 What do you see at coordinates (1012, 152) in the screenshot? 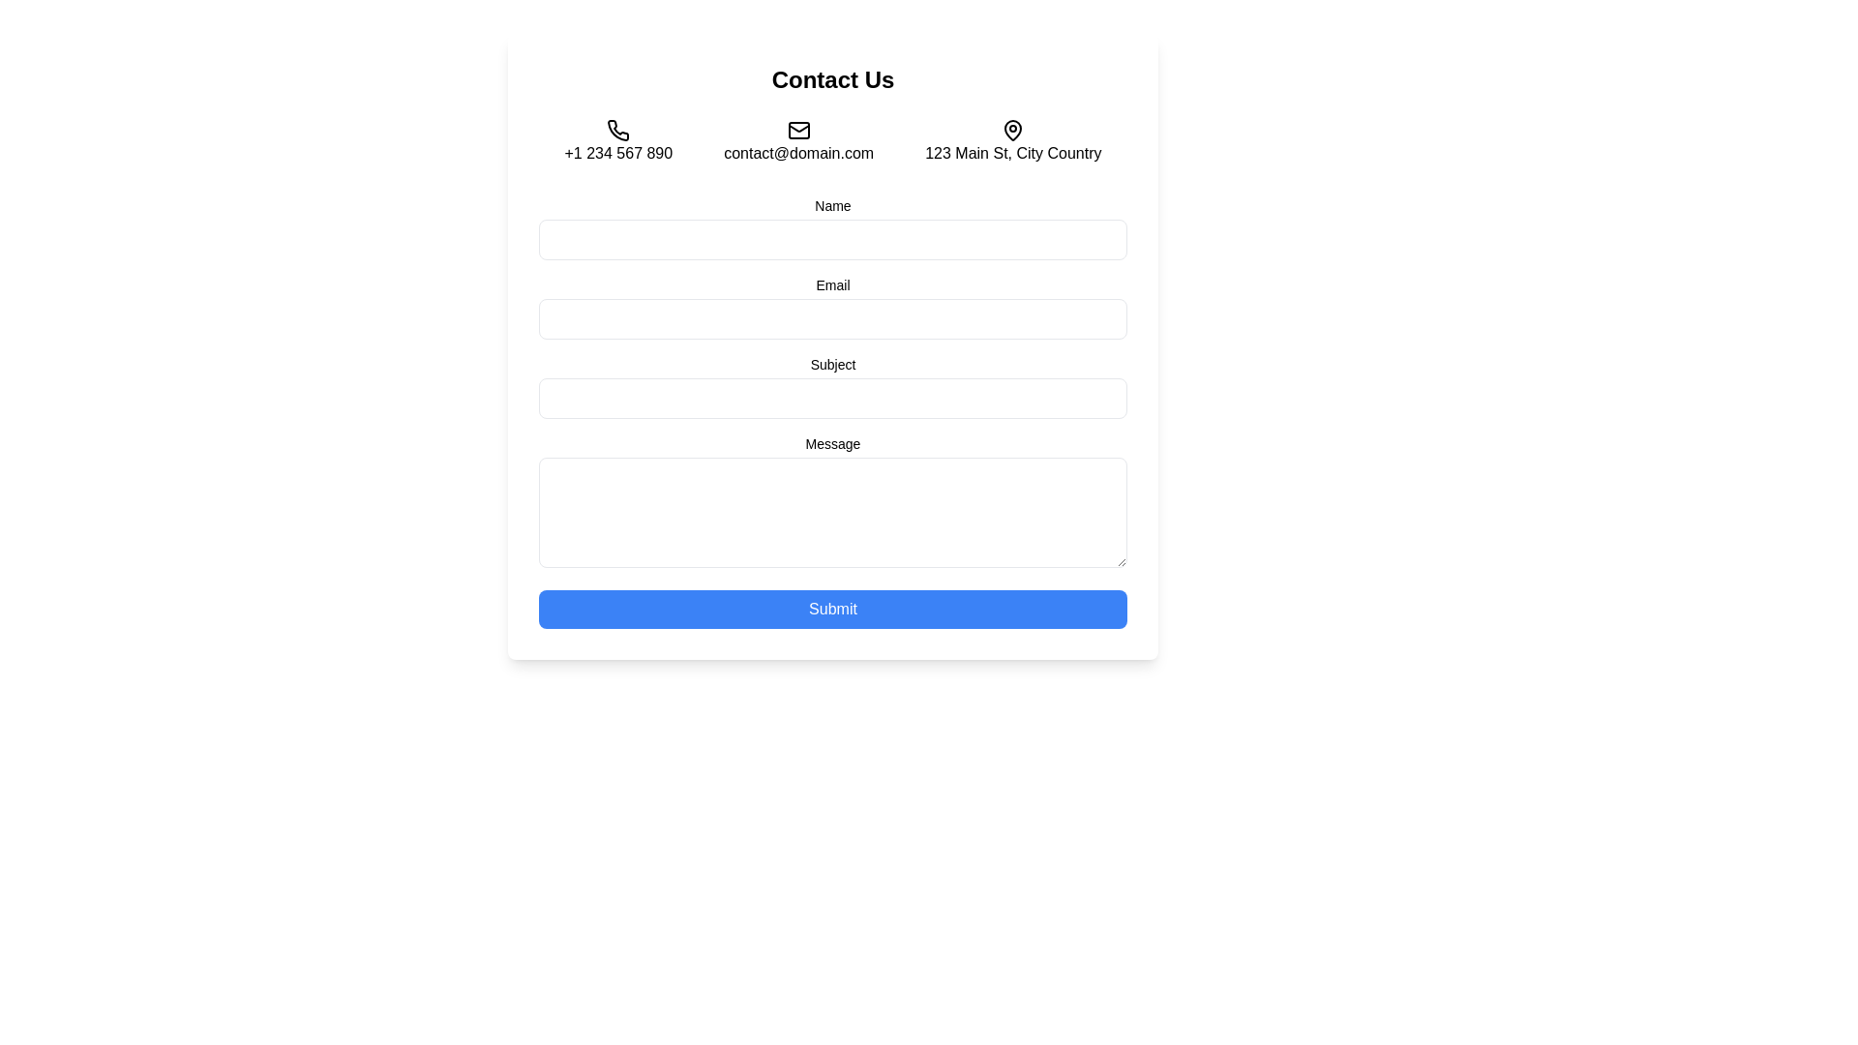
I see `the Text label providing the address in the 'Contact Us' section, which is the third entry aligned with the phone number and email address` at bounding box center [1012, 152].